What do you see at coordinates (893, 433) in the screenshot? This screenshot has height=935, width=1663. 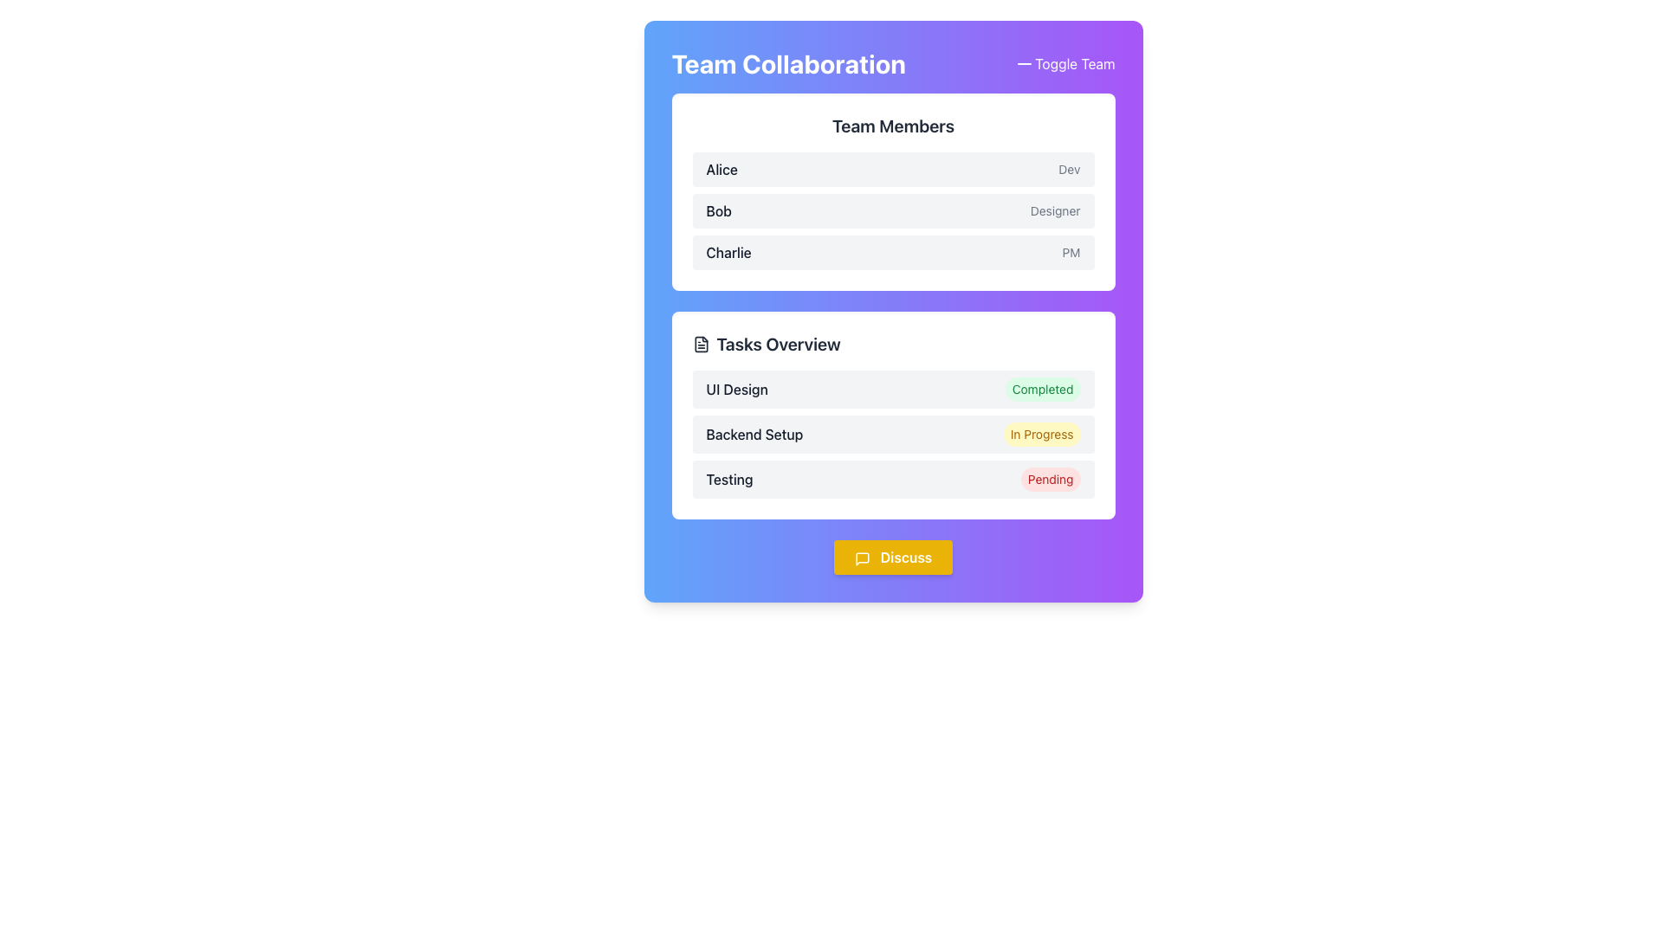 I see `the 'Backend Setup' task status indicator` at bounding box center [893, 433].